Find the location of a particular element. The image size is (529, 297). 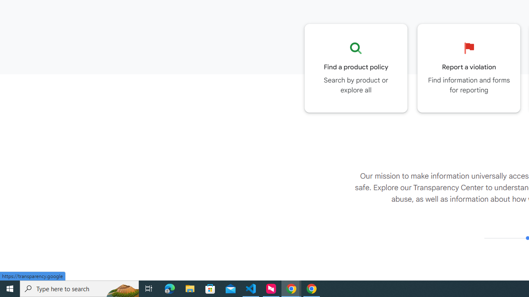

'Go to the Reporting and appeals page' is located at coordinates (469, 68).